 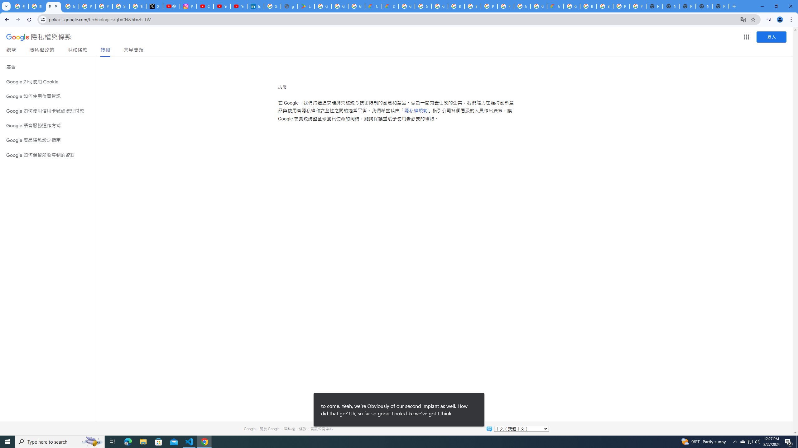 I want to click on 'Google Cloud Platform', so click(x=539, y=6).